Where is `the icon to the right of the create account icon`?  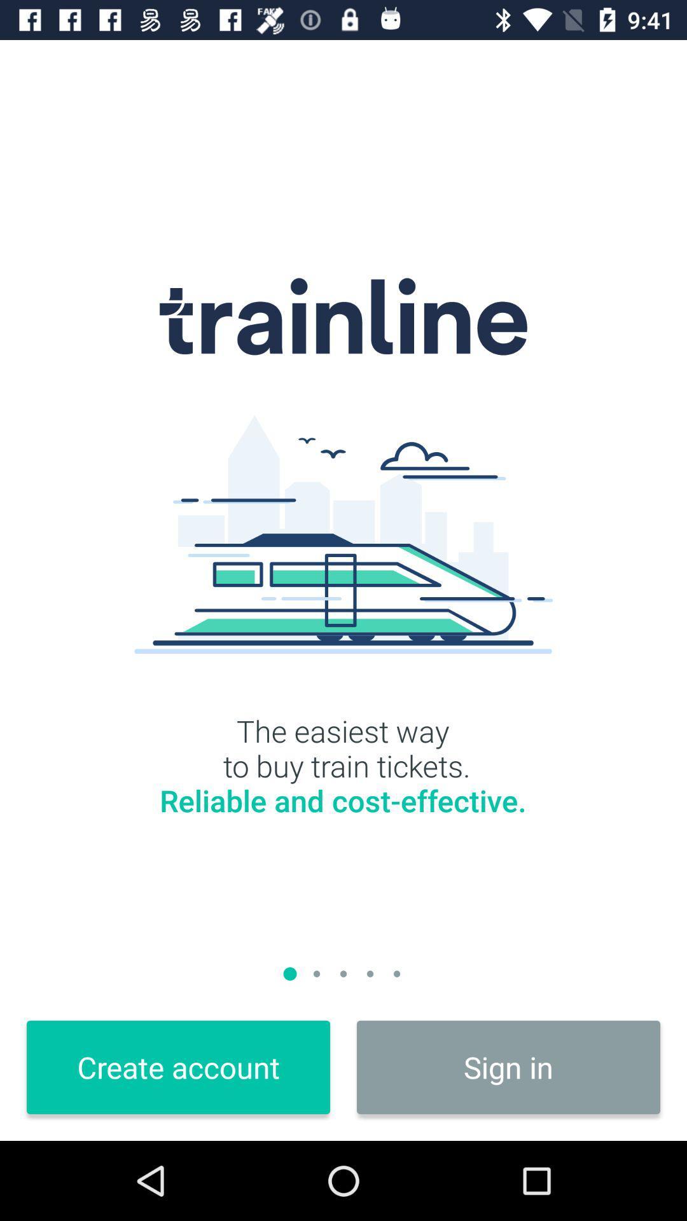 the icon to the right of the create account icon is located at coordinates (508, 1067).